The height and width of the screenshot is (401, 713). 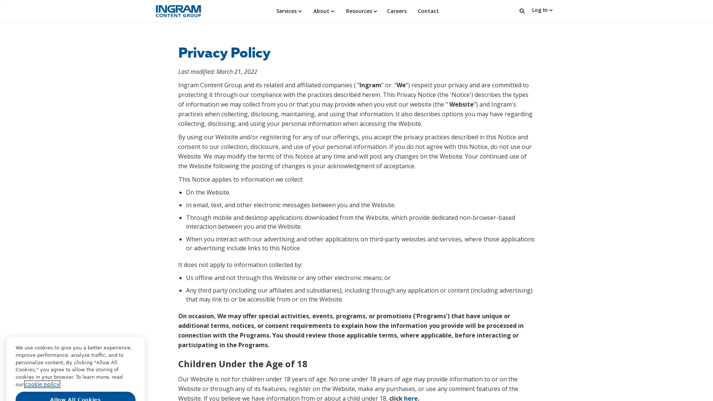 What do you see at coordinates (75, 381) in the screenshot?
I see `Cookie Preferences` at bounding box center [75, 381].